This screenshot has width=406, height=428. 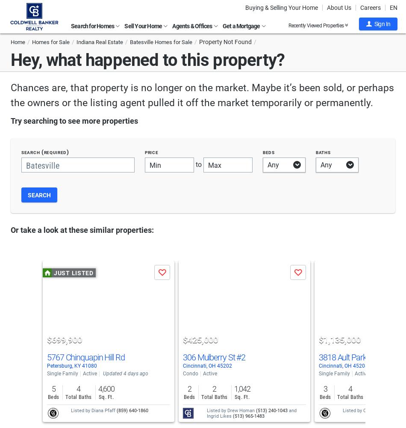 I want to click on 'Sign In', so click(x=374, y=24).